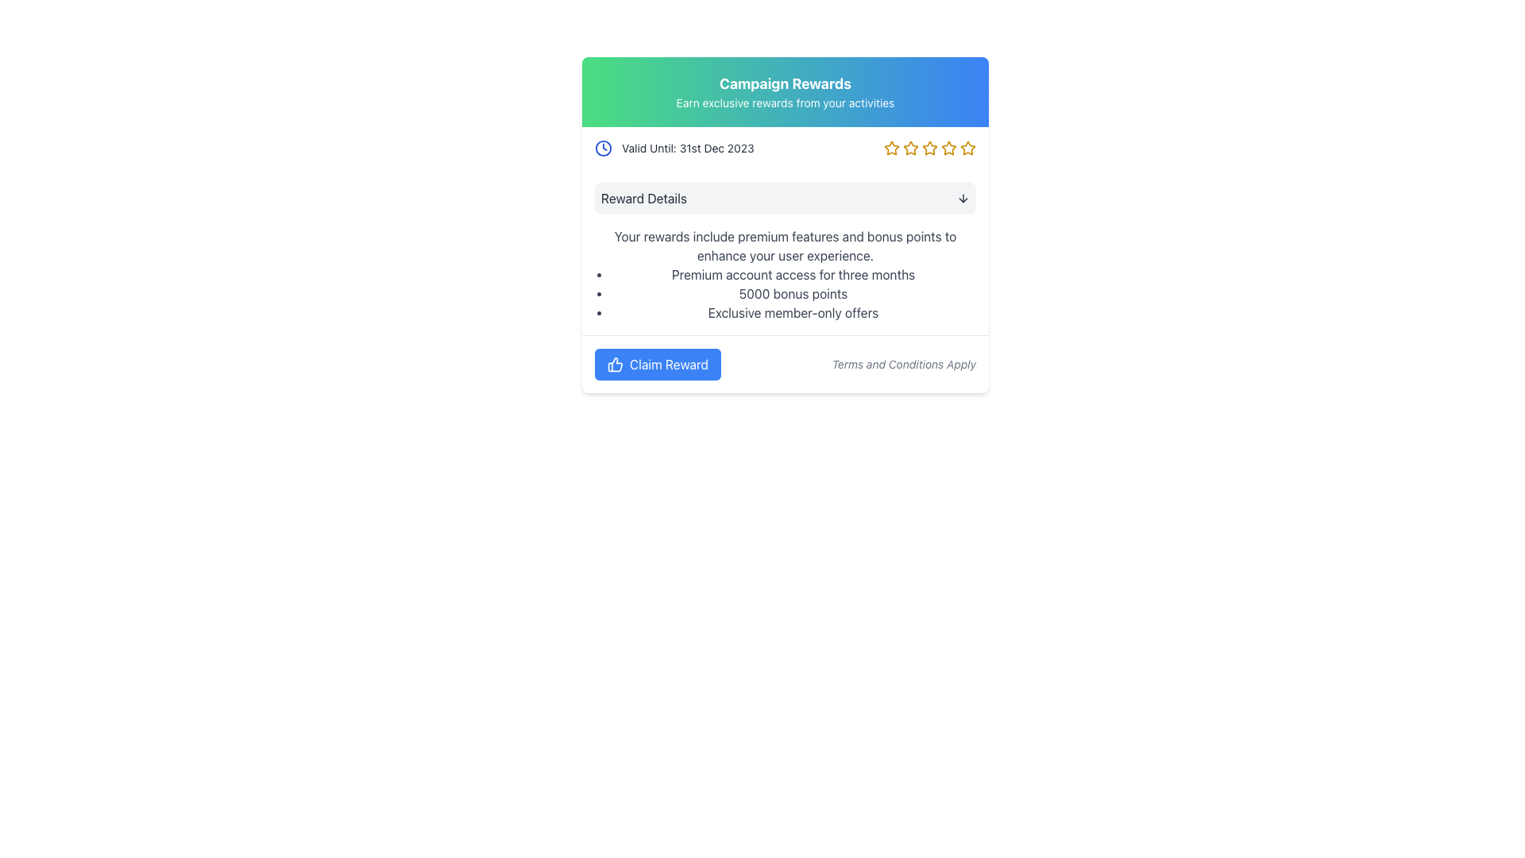 This screenshot has height=858, width=1525. I want to click on the Text Content Area that displays the user's rewards and benefits, including 'Premium account access for three months,' '5000 bonus points,' and 'Exclusive member-only offers.', so click(785, 274).